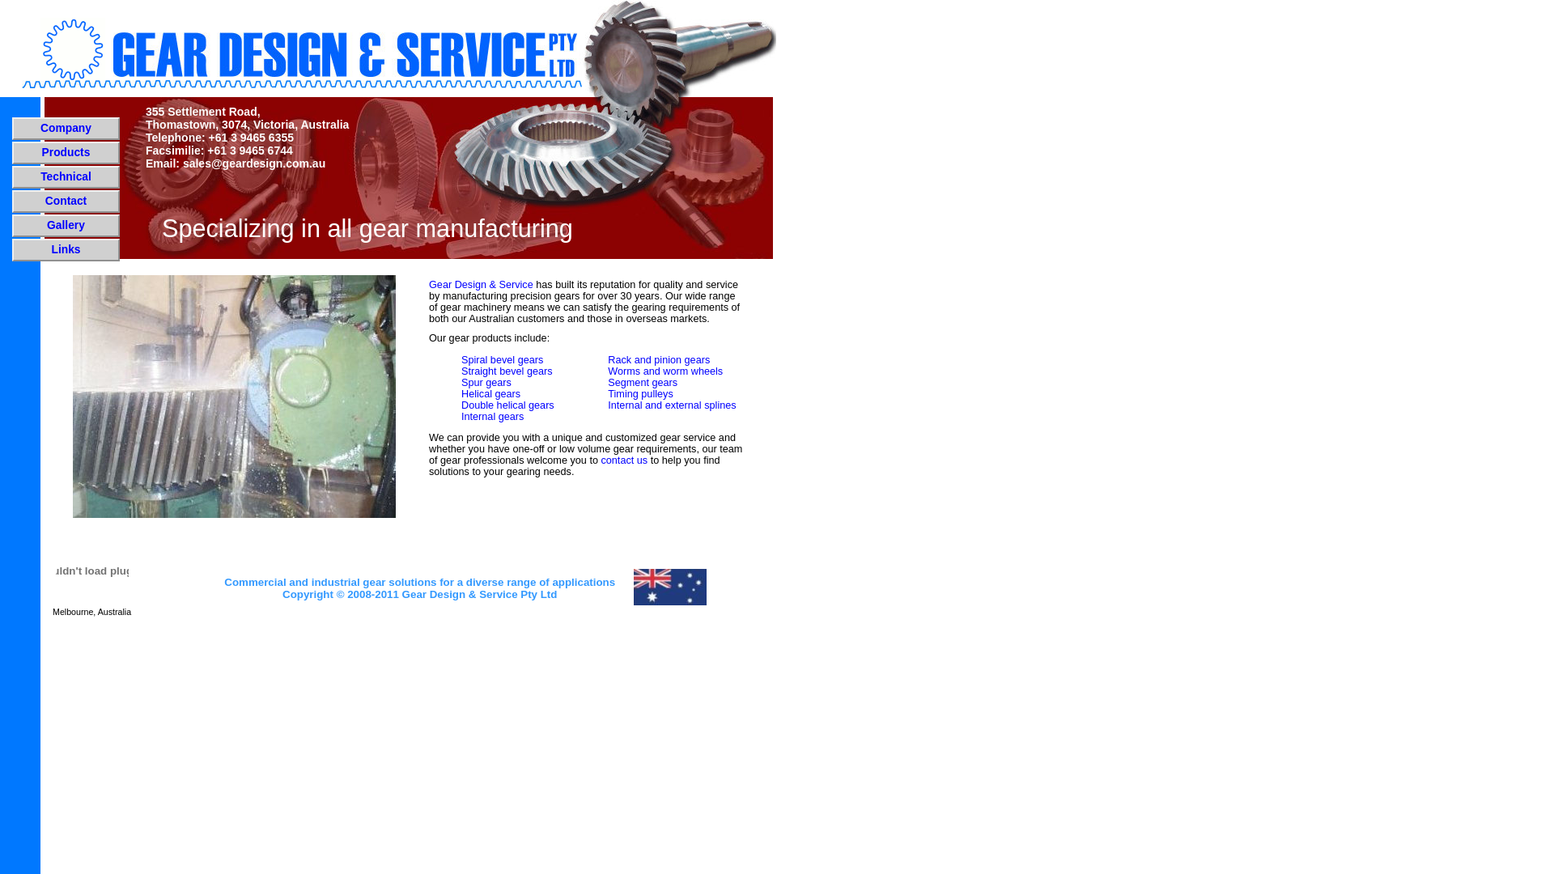 Image resolution: width=1554 pixels, height=874 pixels. What do you see at coordinates (672, 405) in the screenshot?
I see `'Internal and external splines'` at bounding box center [672, 405].